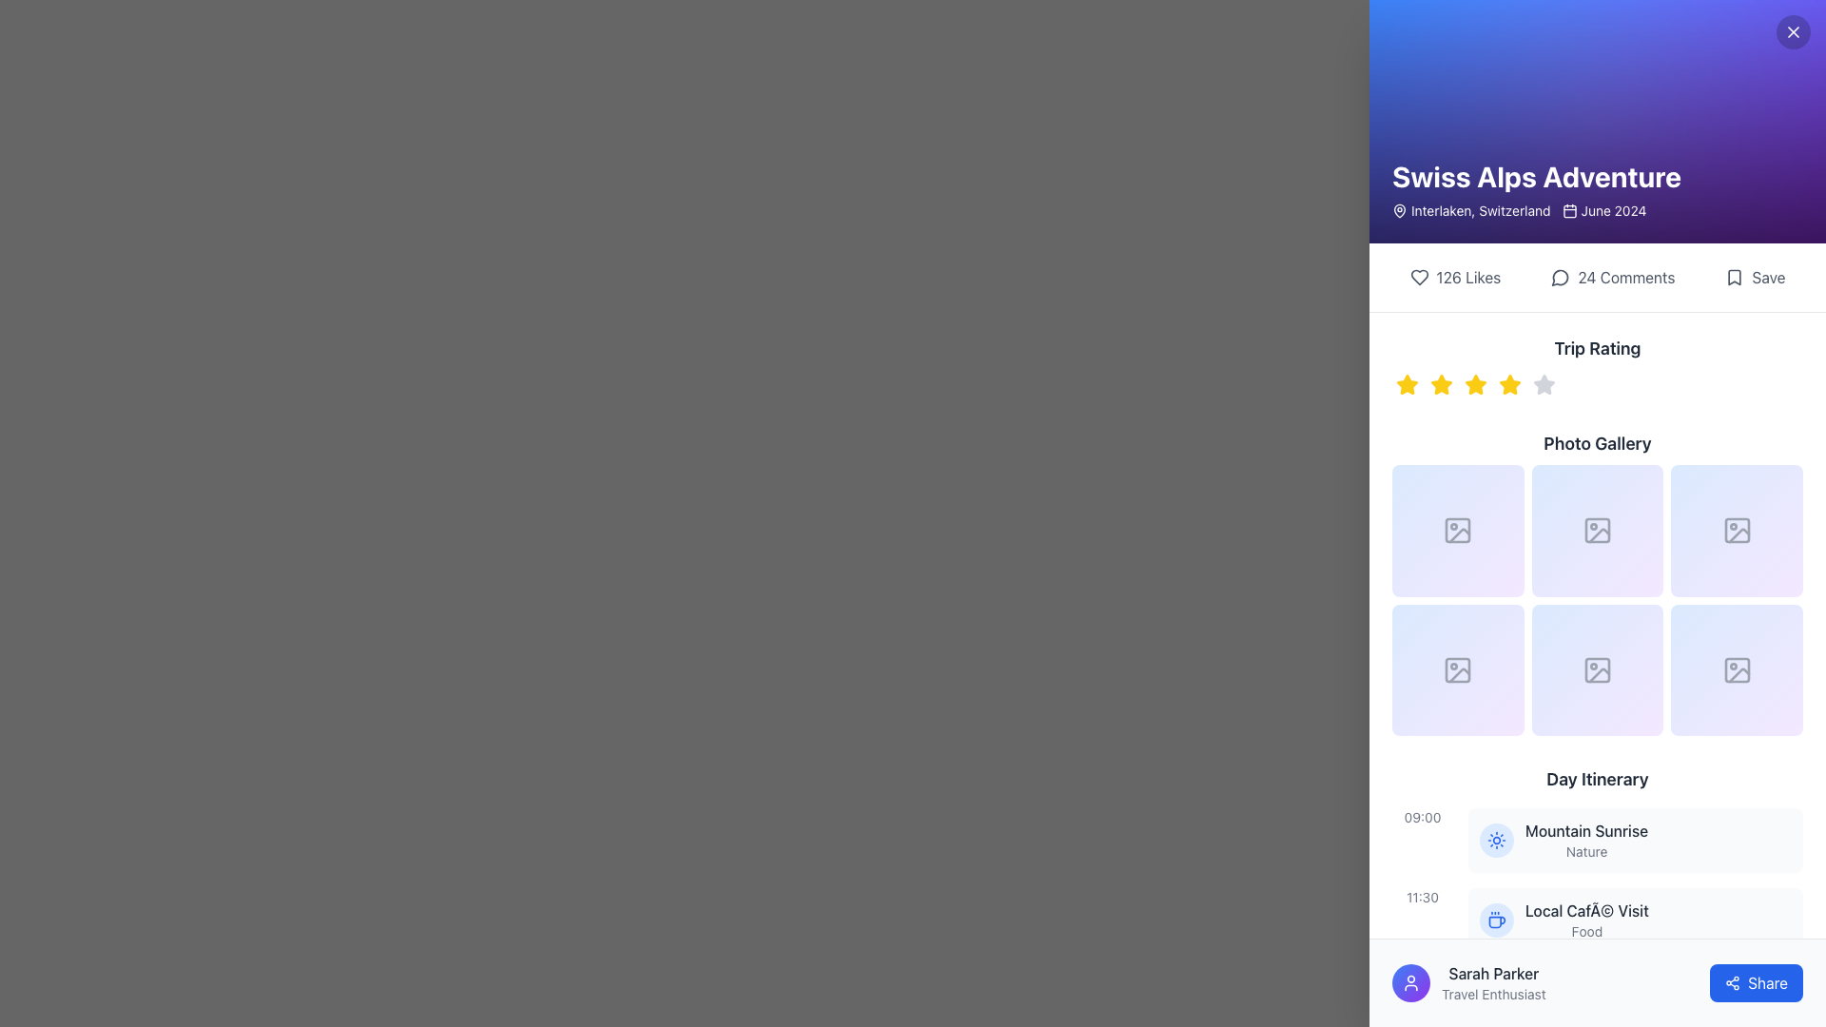  I want to click on the fourth star in the rating system to indicate a rating of four out of five, so click(1509, 385).